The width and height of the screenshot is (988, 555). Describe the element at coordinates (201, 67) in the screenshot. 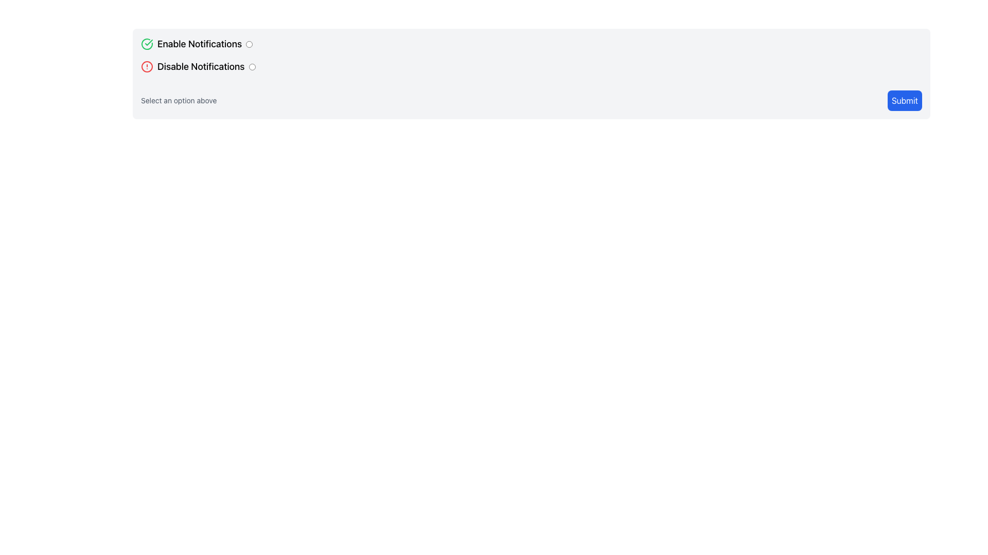

I see `the text label that reads 'Disable Notifications', which is positioned below the 'Enable Notifications' label and next to a radio button` at that location.